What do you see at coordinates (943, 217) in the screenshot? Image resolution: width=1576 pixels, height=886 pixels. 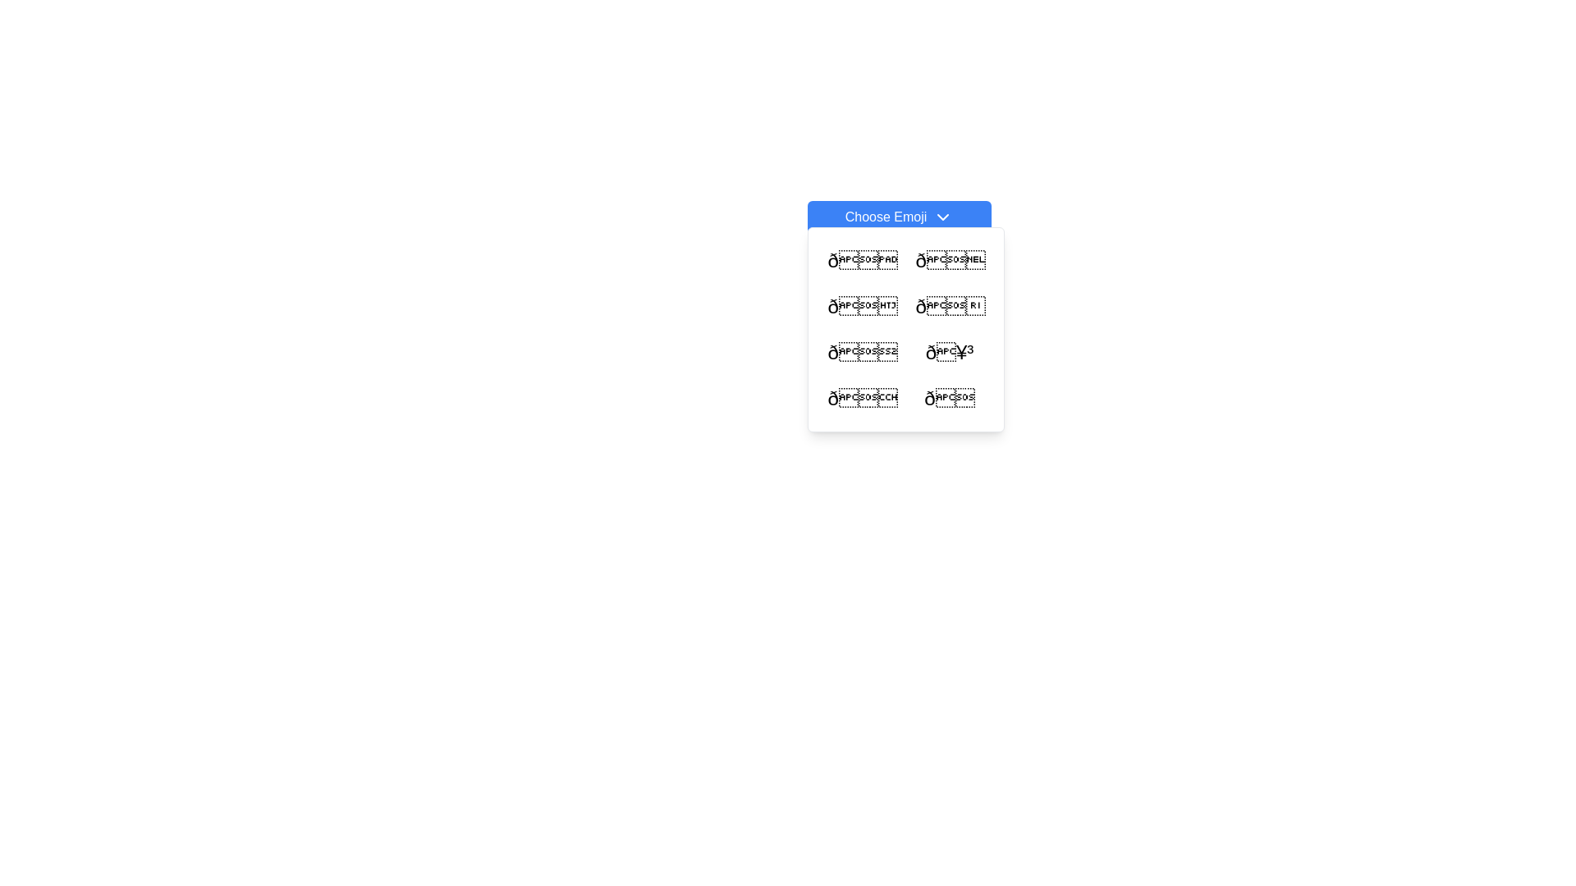 I see `the downward-facing chevron icon in white color located to the right of the text 'Choose Emoji'` at bounding box center [943, 217].